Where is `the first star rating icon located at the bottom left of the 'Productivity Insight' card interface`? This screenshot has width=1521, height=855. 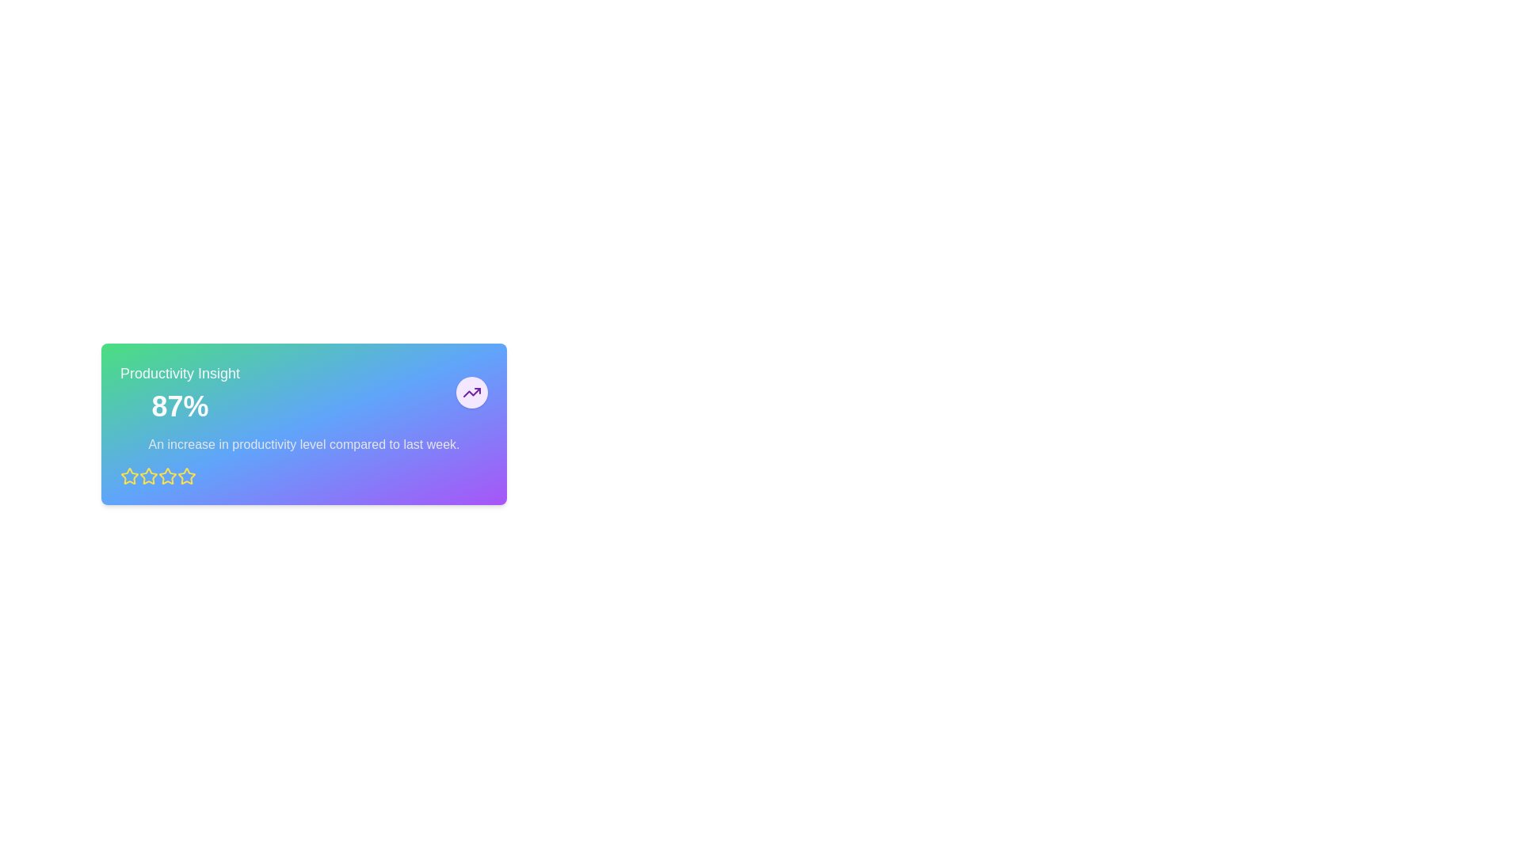
the first star rating icon located at the bottom left of the 'Productivity Insight' card interface is located at coordinates (129, 475).